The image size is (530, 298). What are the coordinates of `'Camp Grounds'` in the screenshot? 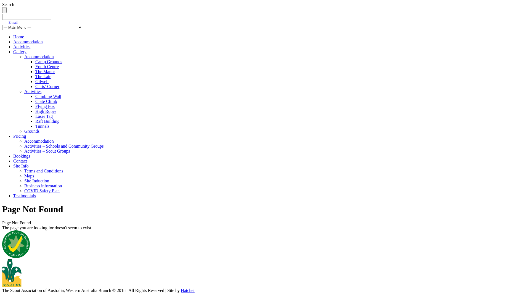 It's located at (49, 62).